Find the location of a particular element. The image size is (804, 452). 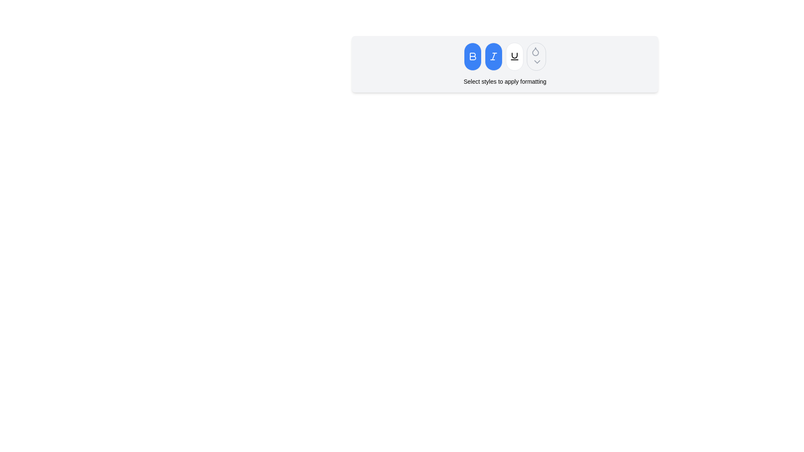

the bold text formatting button located at the top-left of the text editing toolbar is located at coordinates (472, 56).